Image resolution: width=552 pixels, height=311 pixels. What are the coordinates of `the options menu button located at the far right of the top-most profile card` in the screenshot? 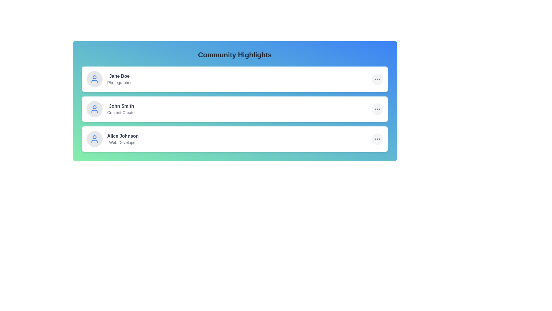 It's located at (377, 79).